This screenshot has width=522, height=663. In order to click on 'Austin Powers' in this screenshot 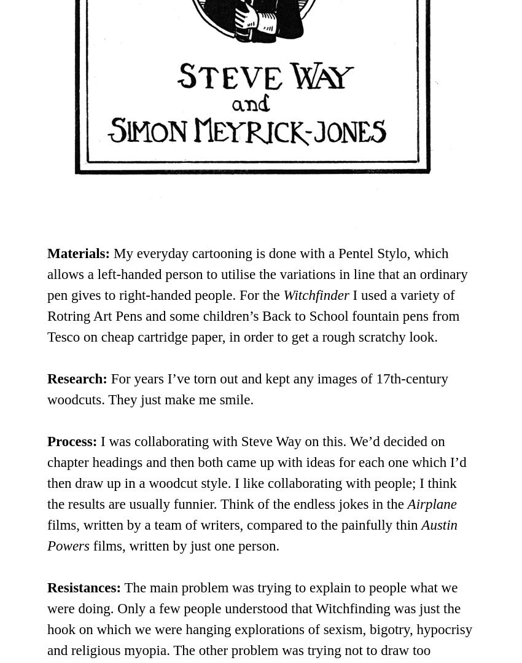, I will do `click(252, 535)`.